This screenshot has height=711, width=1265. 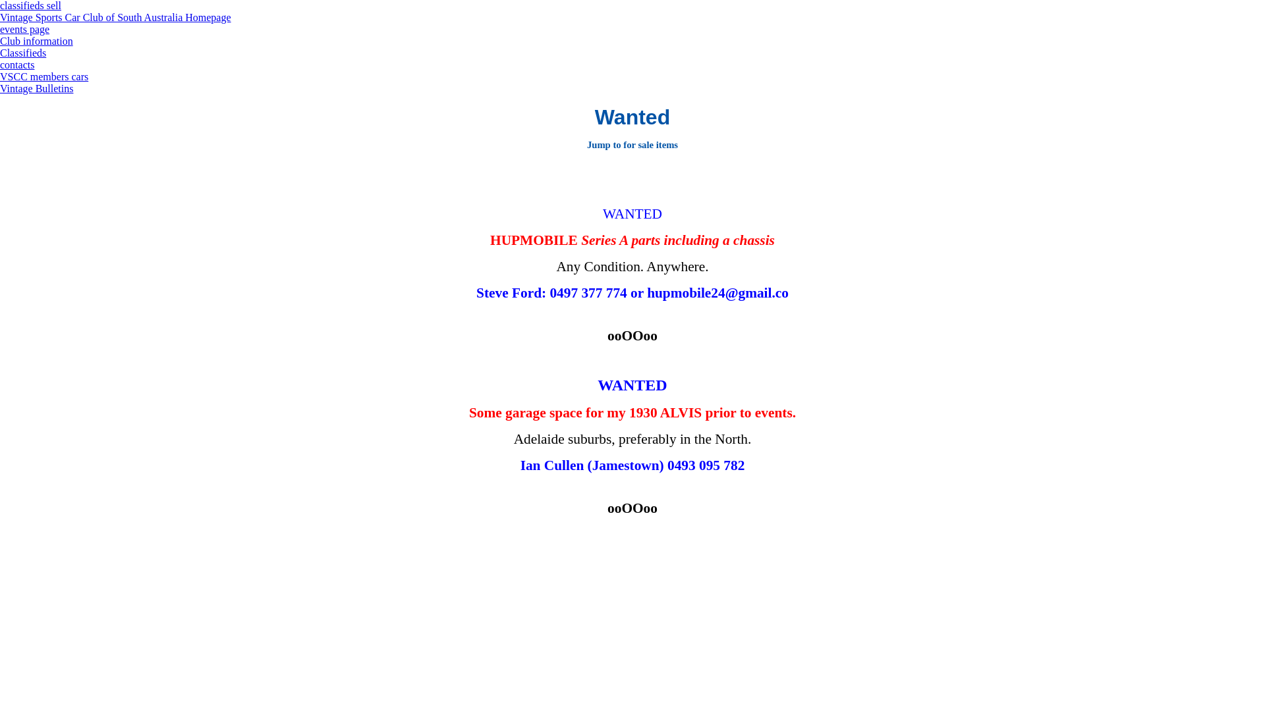 What do you see at coordinates (0, 52) in the screenshot?
I see `'Classifieds'` at bounding box center [0, 52].